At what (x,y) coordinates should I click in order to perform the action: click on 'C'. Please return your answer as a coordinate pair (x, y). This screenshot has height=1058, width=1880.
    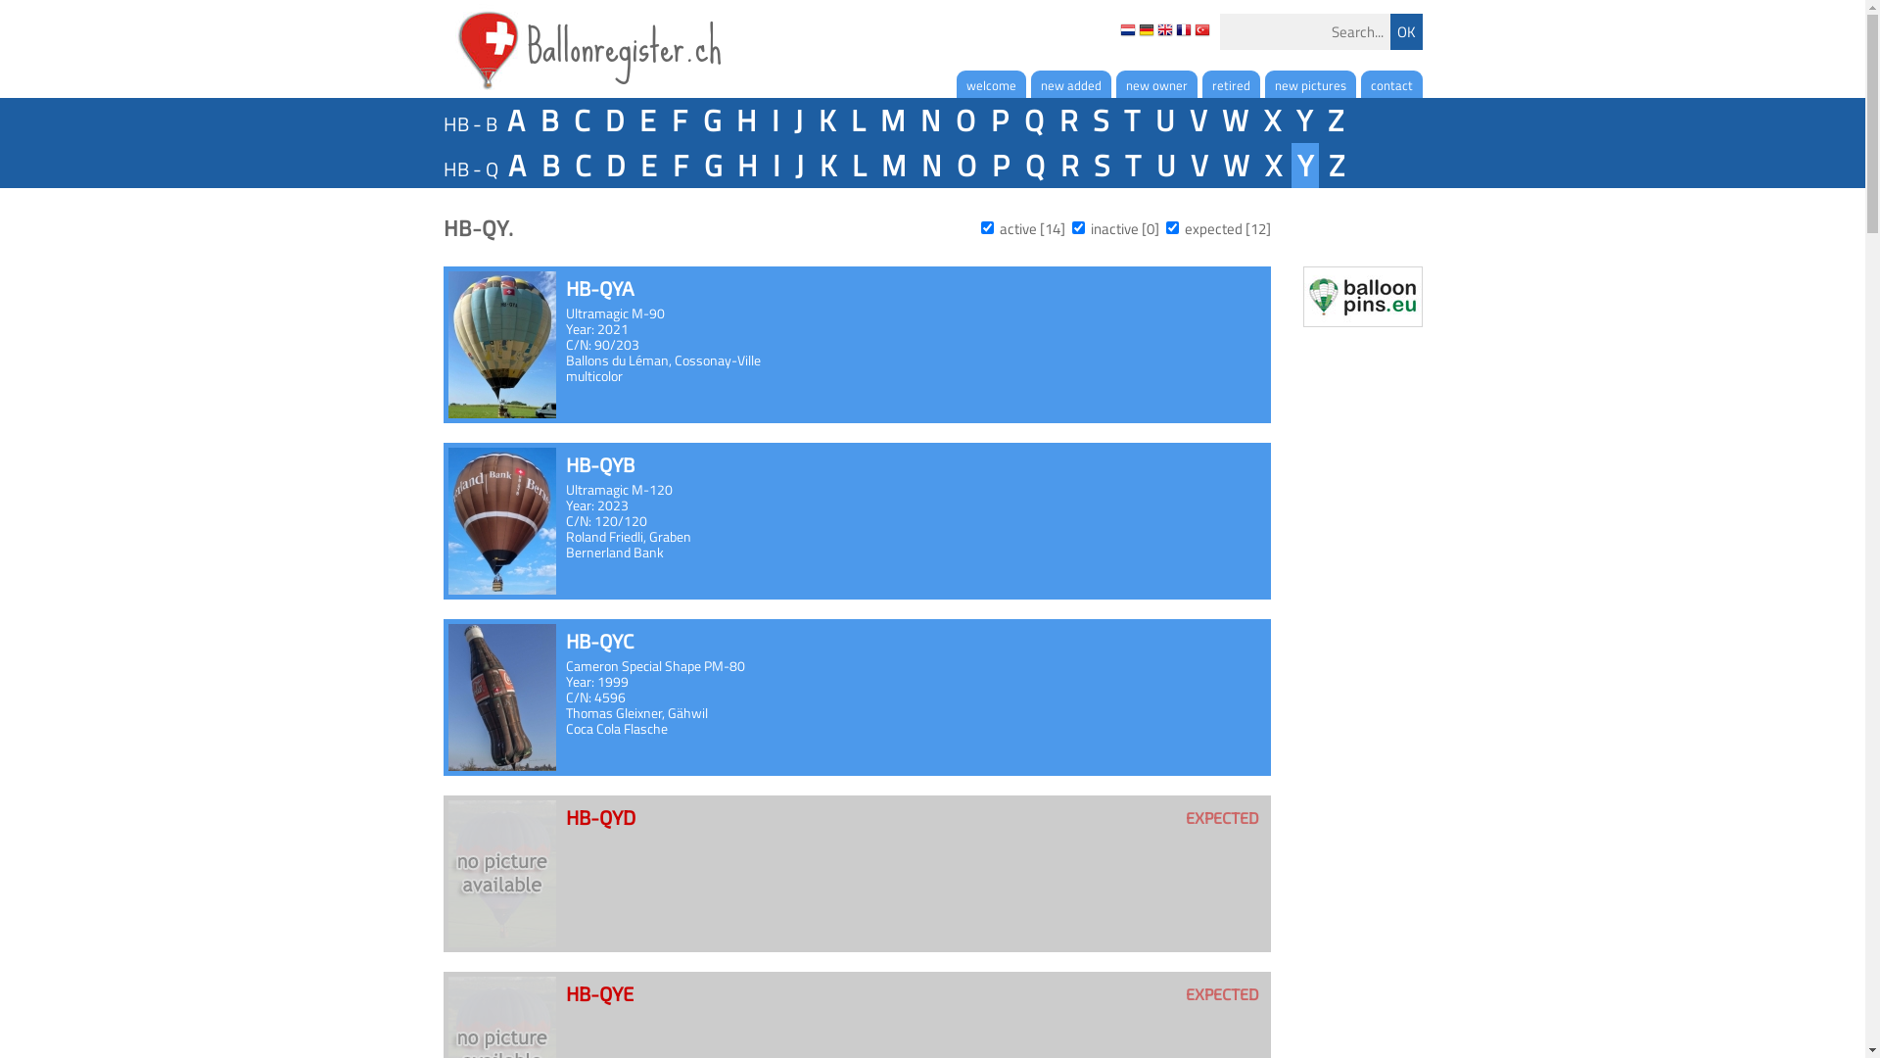
    Looking at the image, I should click on (581, 165).